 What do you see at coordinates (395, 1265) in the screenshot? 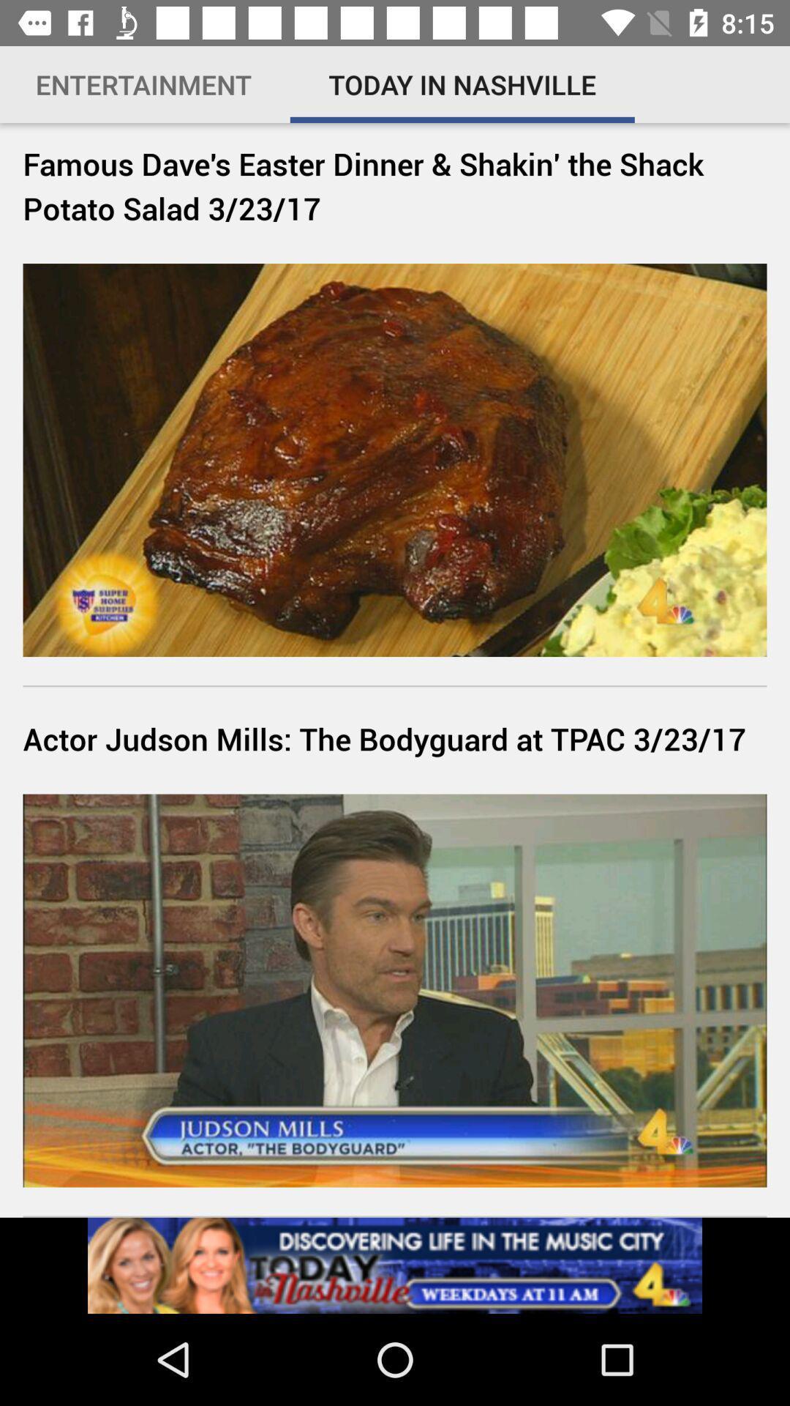
I see `visit today nashville` at bounding box center [395, 1265].